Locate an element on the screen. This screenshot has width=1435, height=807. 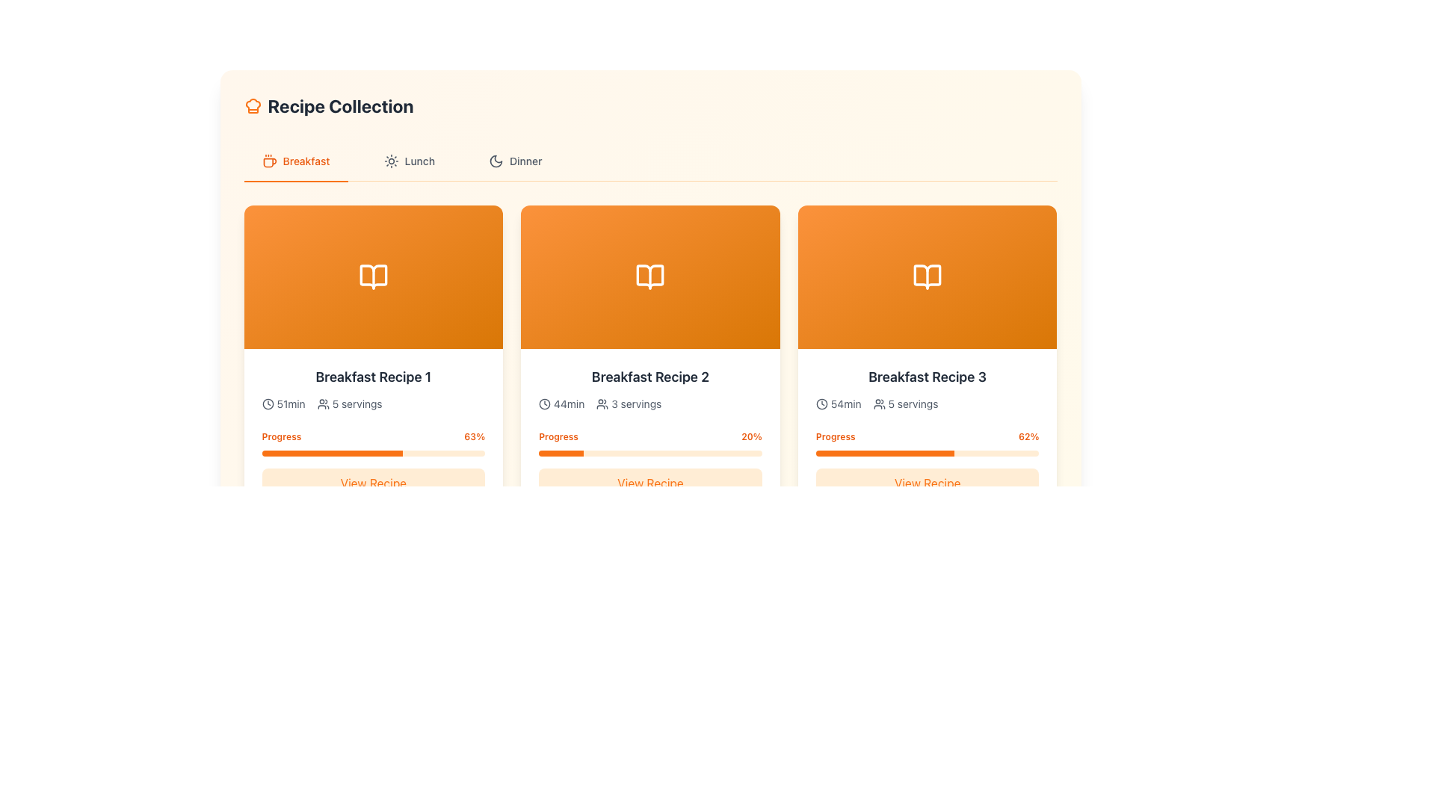
the details associated with the graphical header icon for the 'Breakfast Recipe 3' section, located at the top of the card in the third column under the 'Breakfast' tab is located at coordinates (927, 276).